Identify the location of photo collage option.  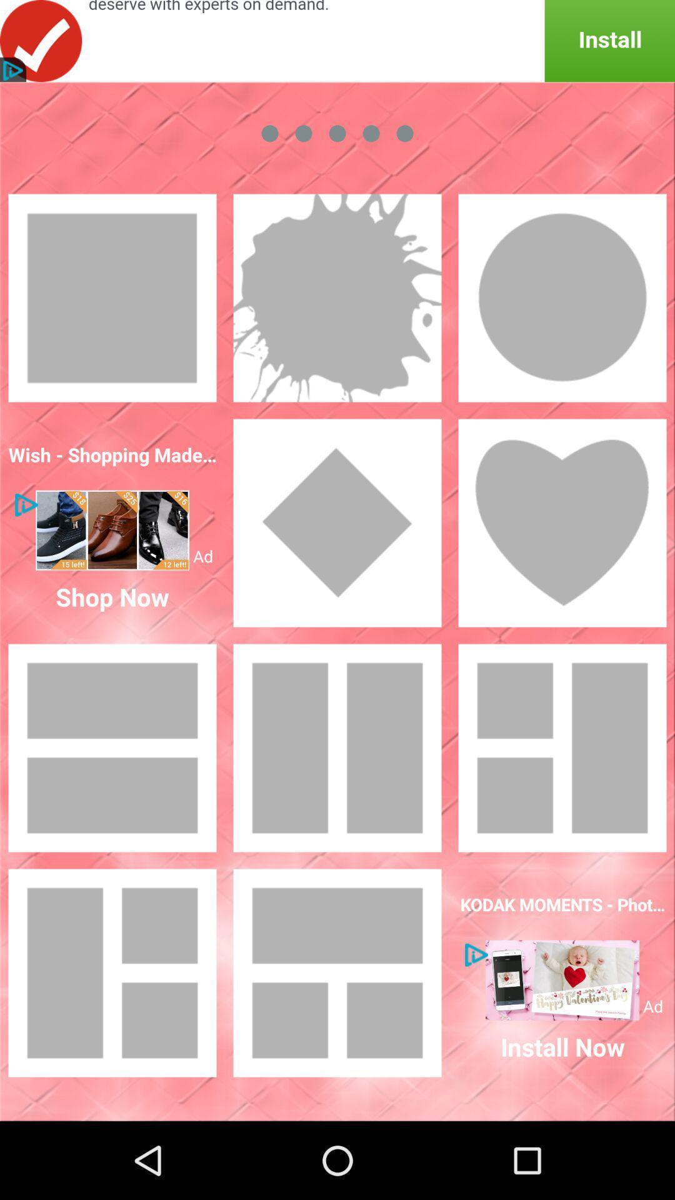
(337, 972).